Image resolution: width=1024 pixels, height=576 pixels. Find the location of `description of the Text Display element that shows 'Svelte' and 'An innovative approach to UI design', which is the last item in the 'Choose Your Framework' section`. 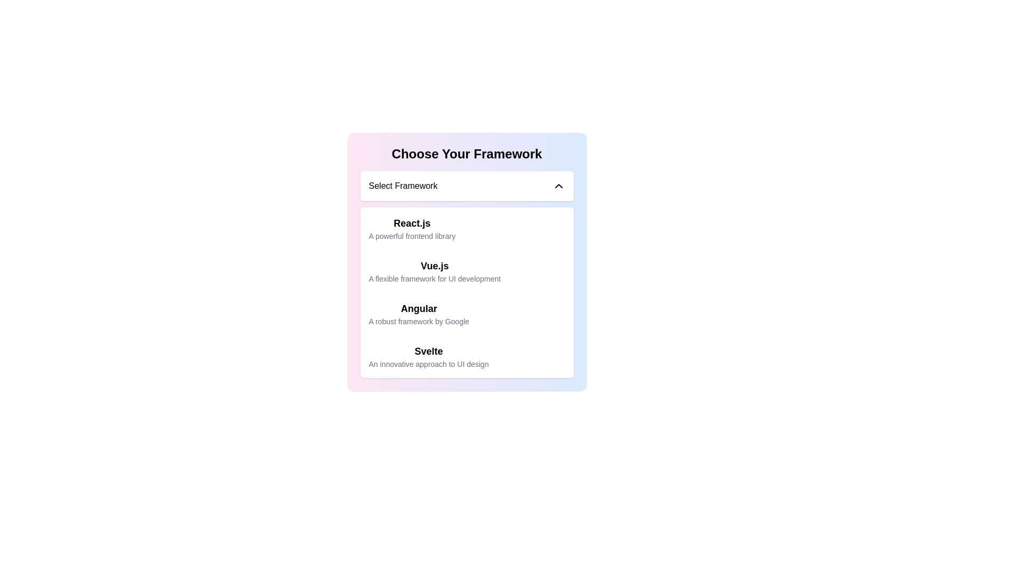

description of the Text Display element that shows 'Svelte' and 'An innovative approach to UI design', which is the last item in the 'Choose Your Framework' section is located at coordinates (428, 356).